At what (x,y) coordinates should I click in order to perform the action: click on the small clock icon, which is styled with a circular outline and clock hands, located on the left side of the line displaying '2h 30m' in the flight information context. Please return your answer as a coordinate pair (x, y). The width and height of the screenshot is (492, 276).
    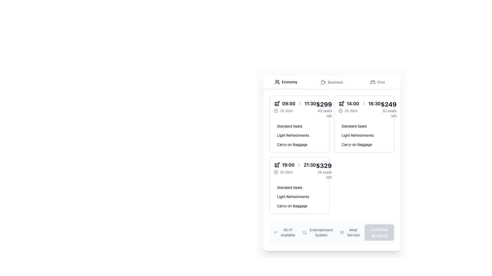
    Looking at the image, I should click on (275, 172).